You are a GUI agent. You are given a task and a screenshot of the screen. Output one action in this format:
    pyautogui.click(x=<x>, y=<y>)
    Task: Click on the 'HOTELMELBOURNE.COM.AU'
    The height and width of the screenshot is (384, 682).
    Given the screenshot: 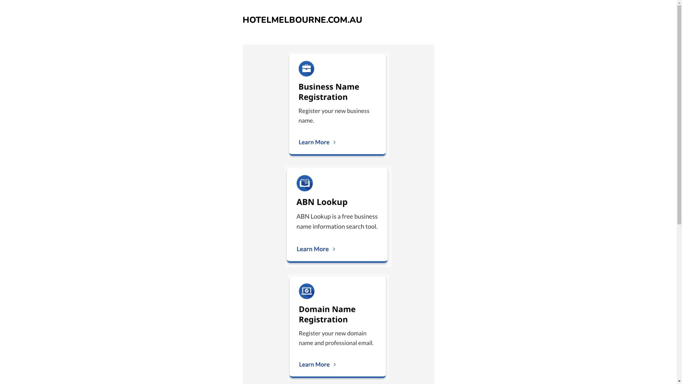 What is the action you would take?
    pyautogui.click(x=302, y=20)
    